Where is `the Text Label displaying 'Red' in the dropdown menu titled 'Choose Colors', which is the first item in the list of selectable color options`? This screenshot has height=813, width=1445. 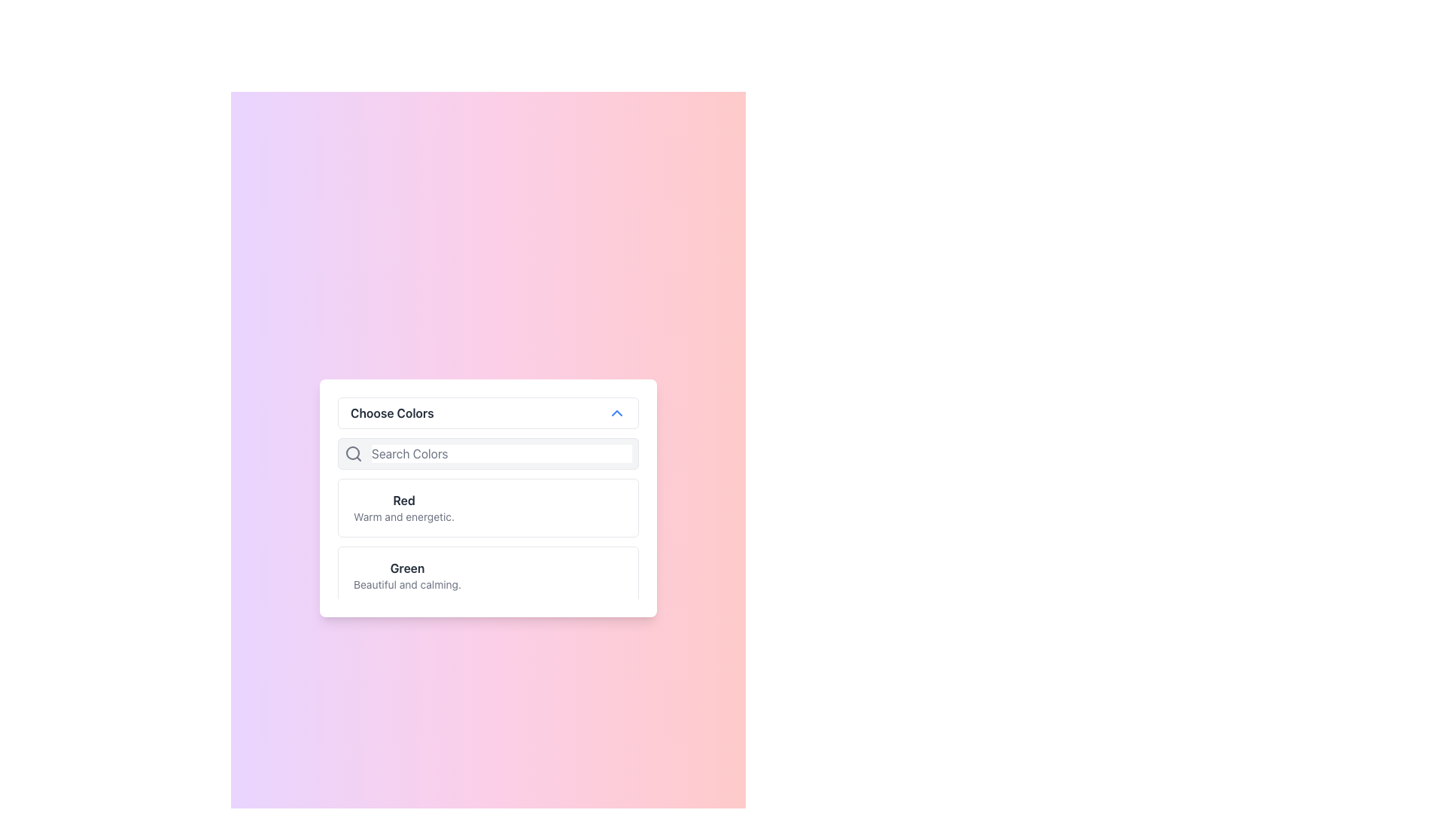
the Text Label displaying 'Red' in the dropdown menu titled 'Choose Colors', which is the first item in the list of selectable color options is located at coordinates (404, 500).